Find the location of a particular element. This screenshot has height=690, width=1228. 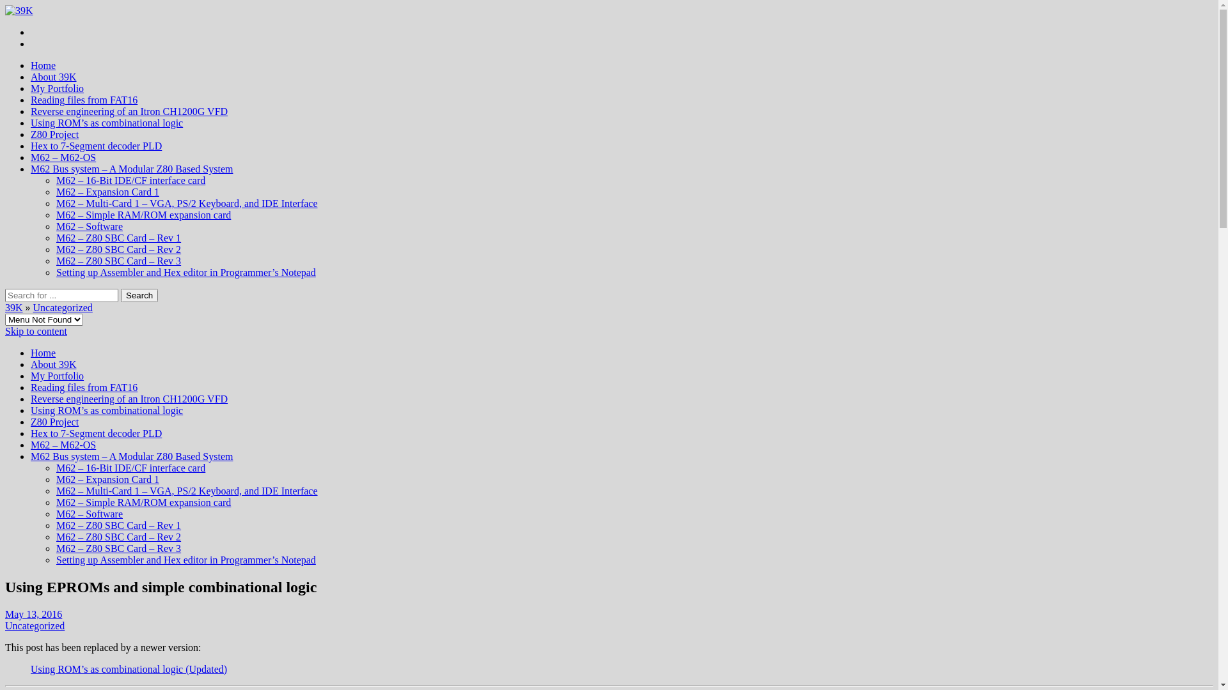

'My Portfolio' is located at coordinates (31, 88).